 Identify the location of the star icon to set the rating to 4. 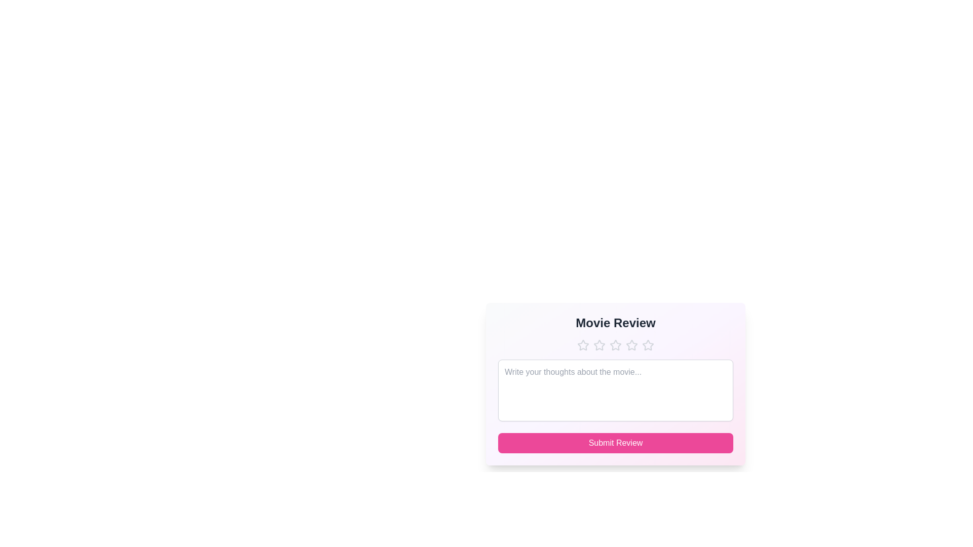
(631, 345).